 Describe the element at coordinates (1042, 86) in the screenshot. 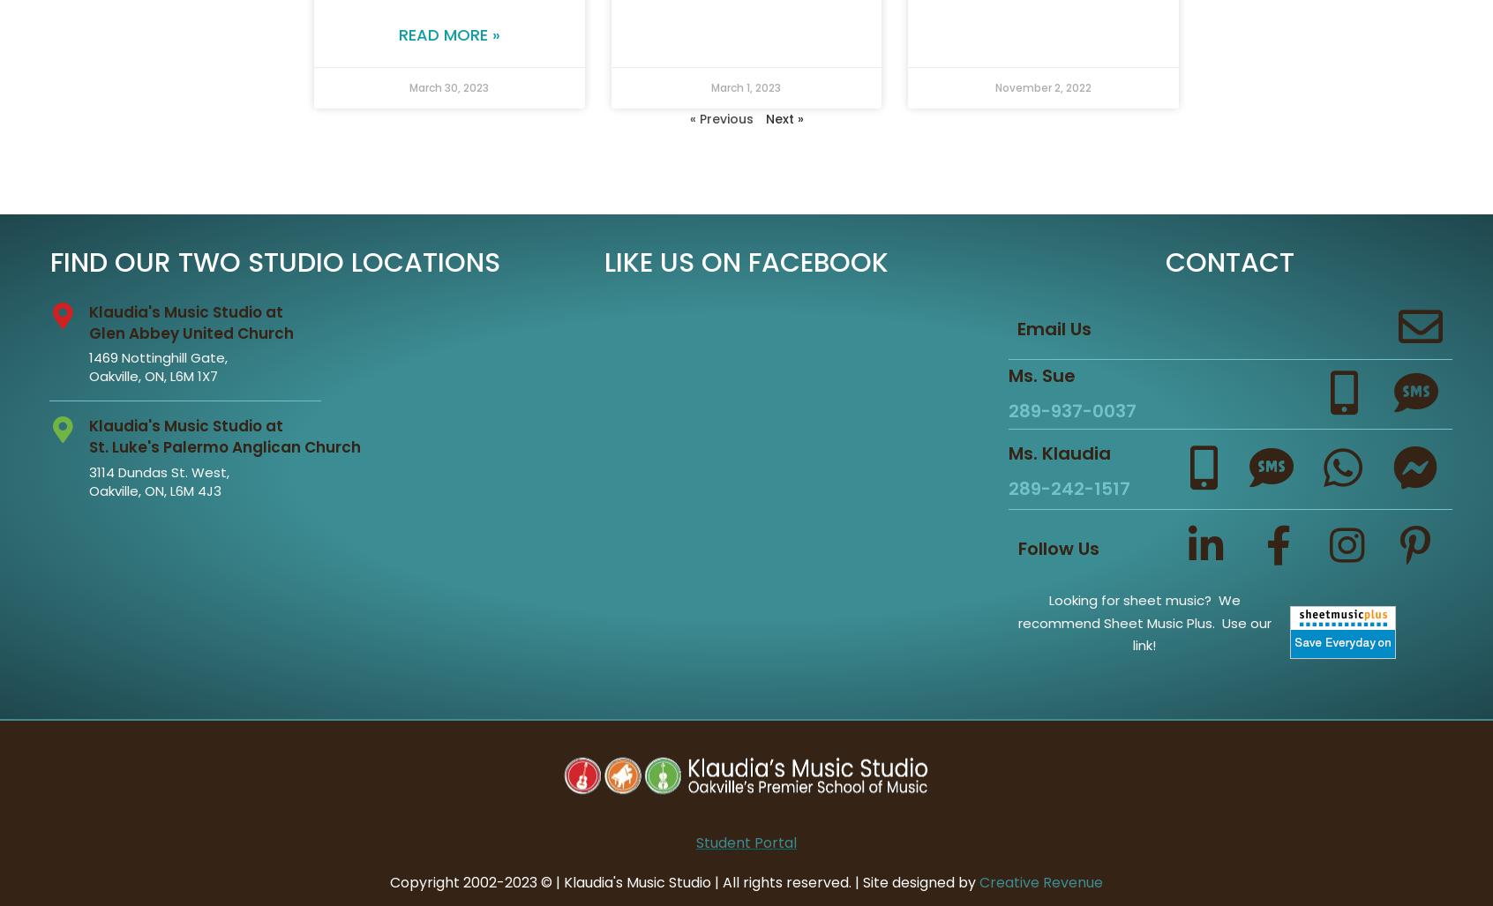

I see `'November 2, 2022'` at that location.